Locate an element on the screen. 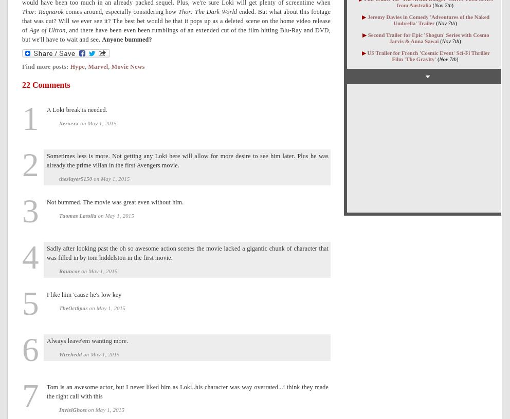 The width and height of the screenshot is (510, 419). 'ended. But what about this footage that was cut? Will we ever see it? The best bet would be that it pops up as a deleted scene on the home video release of' is located at coordinates (176, 20).